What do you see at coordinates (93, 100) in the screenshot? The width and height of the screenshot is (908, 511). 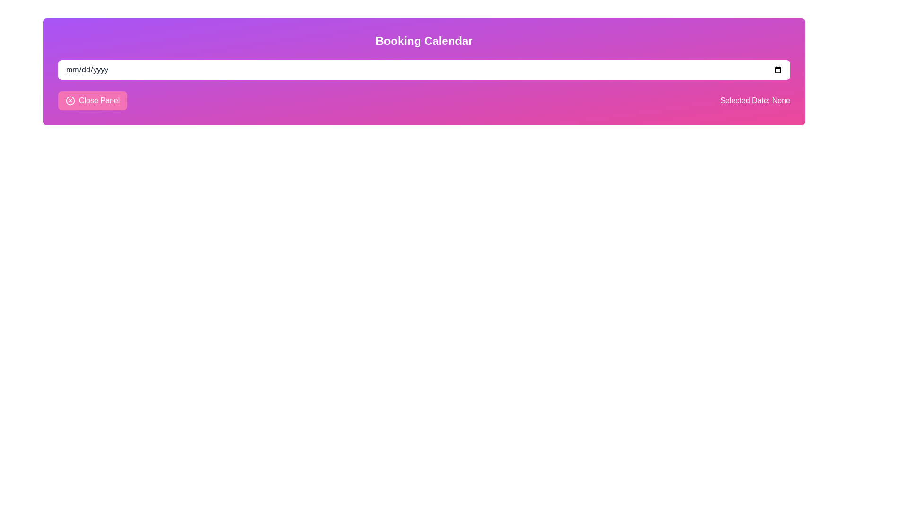 I see `the 'Close Panel' button with a pink background and white text for accessibility navigation` at bounding box center [93, 100].